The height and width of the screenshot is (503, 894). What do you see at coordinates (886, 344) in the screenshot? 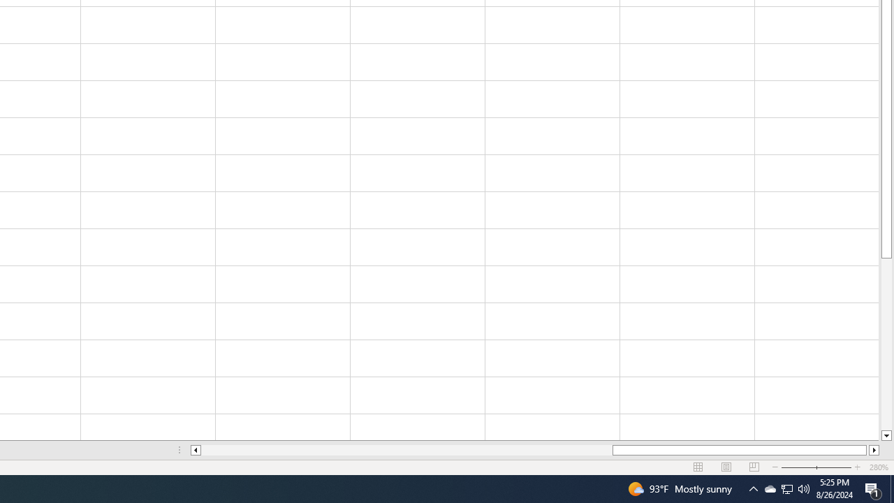
I see `'Page down'` at bounding box center [886, 344].